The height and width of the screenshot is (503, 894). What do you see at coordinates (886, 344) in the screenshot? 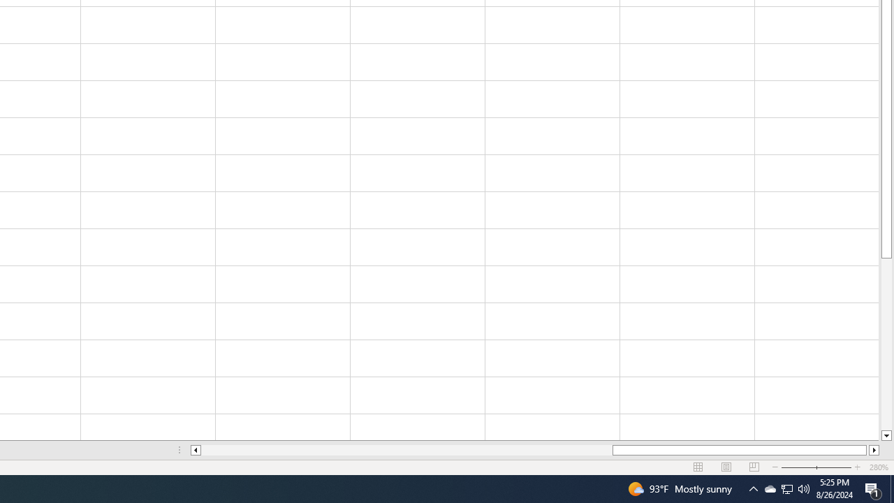
I see `'Page down'` at bounding box center [886, 344].